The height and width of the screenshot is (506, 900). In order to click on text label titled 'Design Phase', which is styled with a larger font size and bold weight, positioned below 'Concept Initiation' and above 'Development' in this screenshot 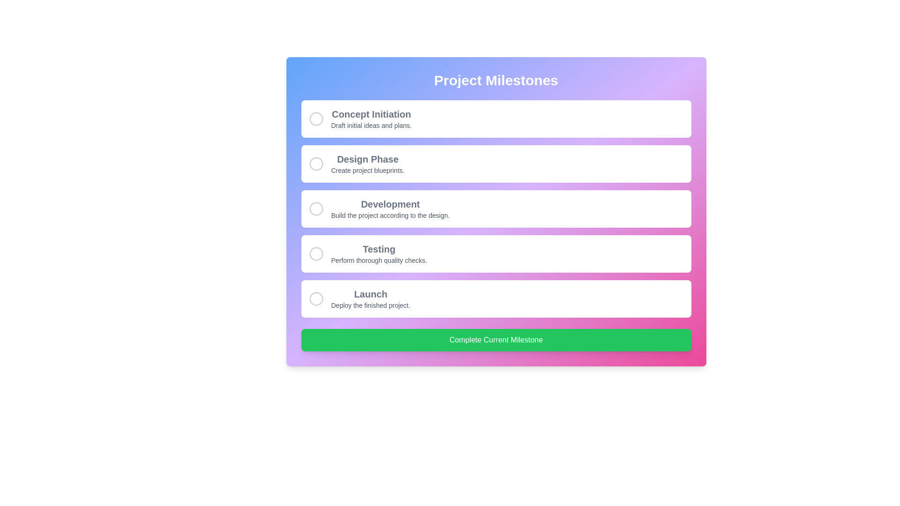, I will do `click(367, 158)`.